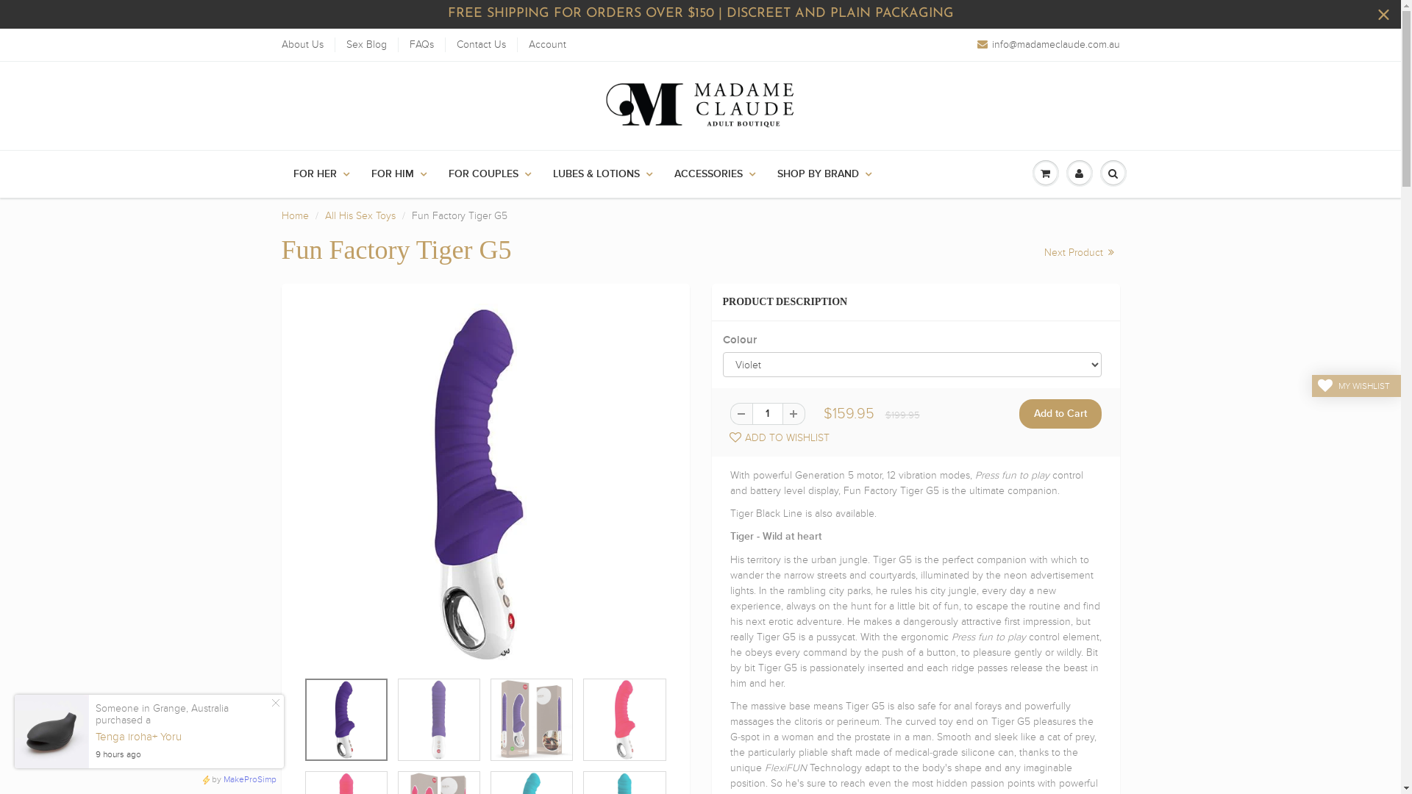 Image resolution: width=1412 pixels, height=794 pixels. What do you see at coordinates (281, 44) in the screenshot?
I see `'About Us'` at bounding box center [281, 44].